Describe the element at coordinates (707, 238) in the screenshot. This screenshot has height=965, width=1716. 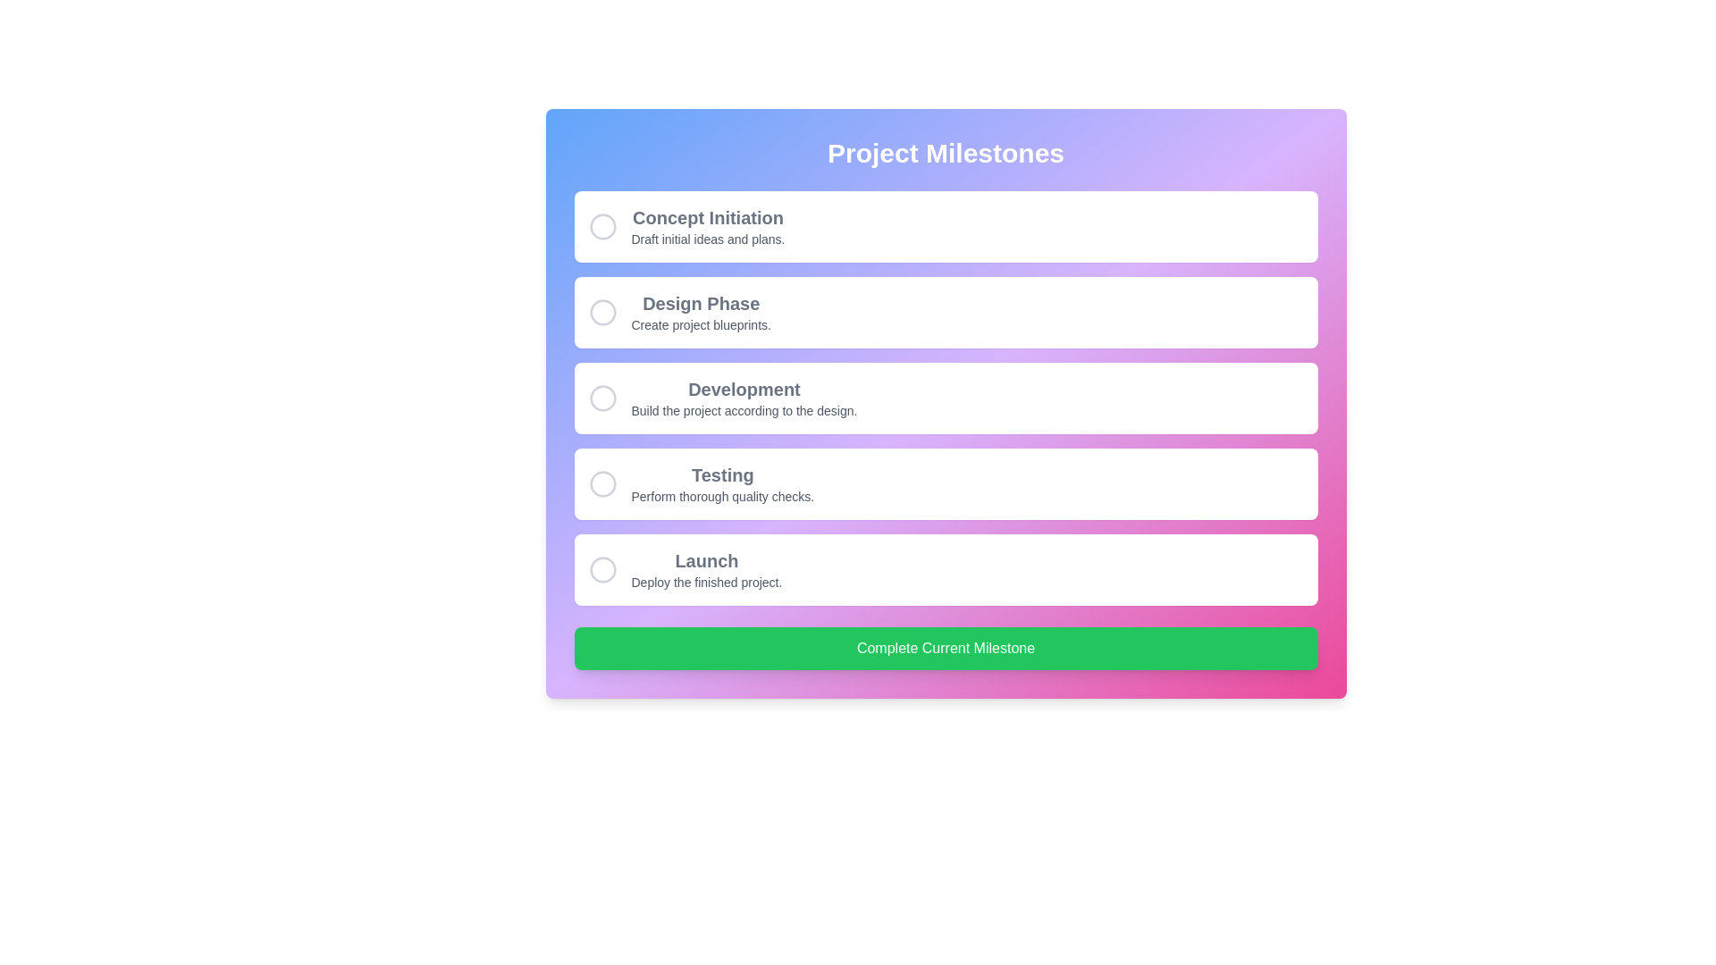
I see `the text element that reads 'Draft initial ideas and plans.', which is styled in a small, gray font and located directly beneath the 'Concept Initiation' heading` at that location.